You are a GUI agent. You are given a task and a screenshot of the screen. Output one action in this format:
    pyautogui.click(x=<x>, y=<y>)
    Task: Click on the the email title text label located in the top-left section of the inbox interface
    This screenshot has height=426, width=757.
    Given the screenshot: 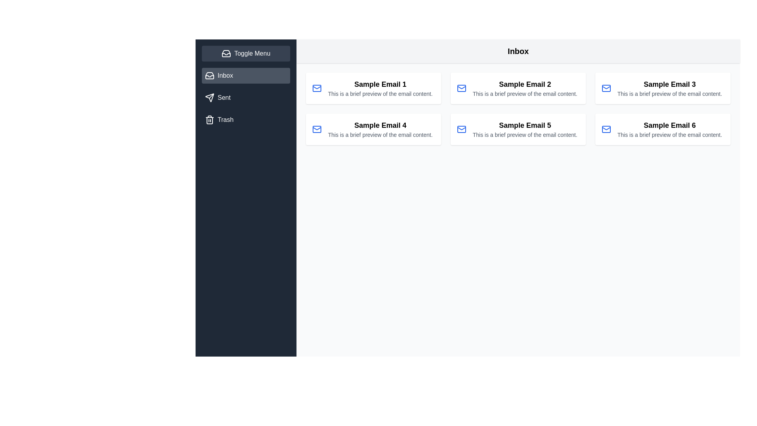 What is the action you would take?
    pyautogui.click(x=380, y=84)
    